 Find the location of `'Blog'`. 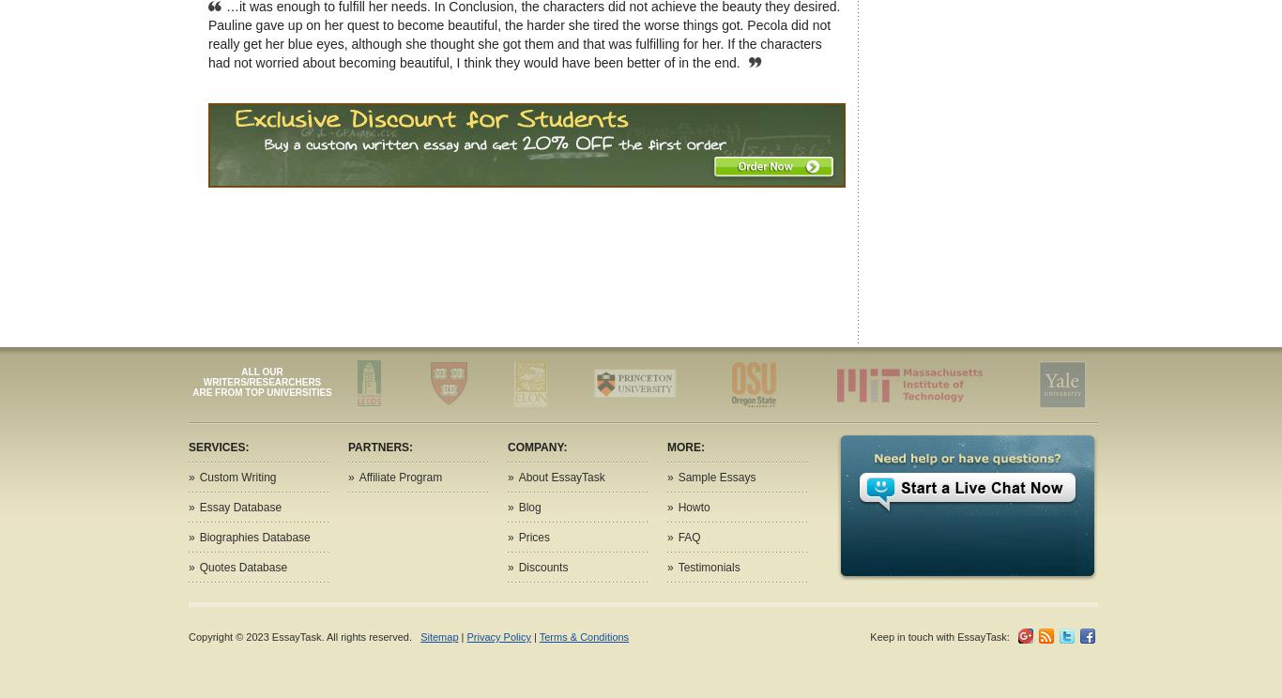

'Blog' is located at coordinates (529, 507).